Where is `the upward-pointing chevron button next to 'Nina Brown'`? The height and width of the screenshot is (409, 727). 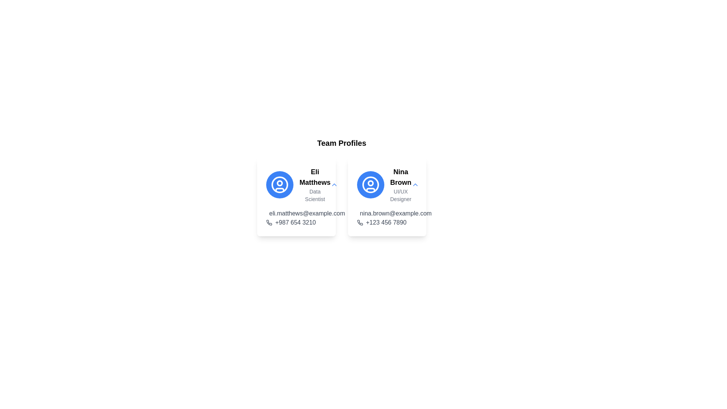 the upward-pointing chevron button next to 'Nina Brown' is located at coordinates (415, 185).